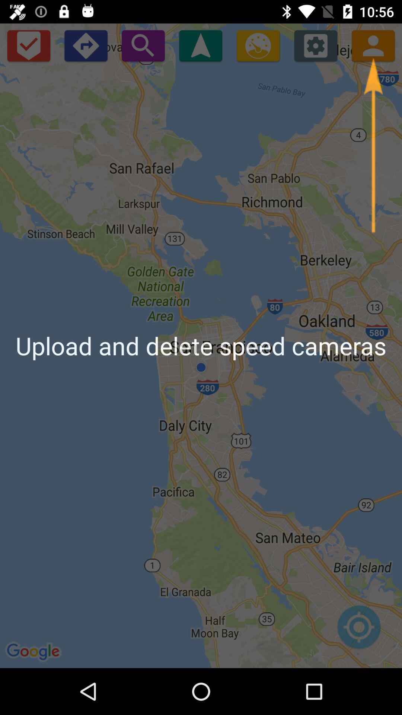 This screenshot has width=402, height=715. I want to click on search a destination, so click(143, 45).